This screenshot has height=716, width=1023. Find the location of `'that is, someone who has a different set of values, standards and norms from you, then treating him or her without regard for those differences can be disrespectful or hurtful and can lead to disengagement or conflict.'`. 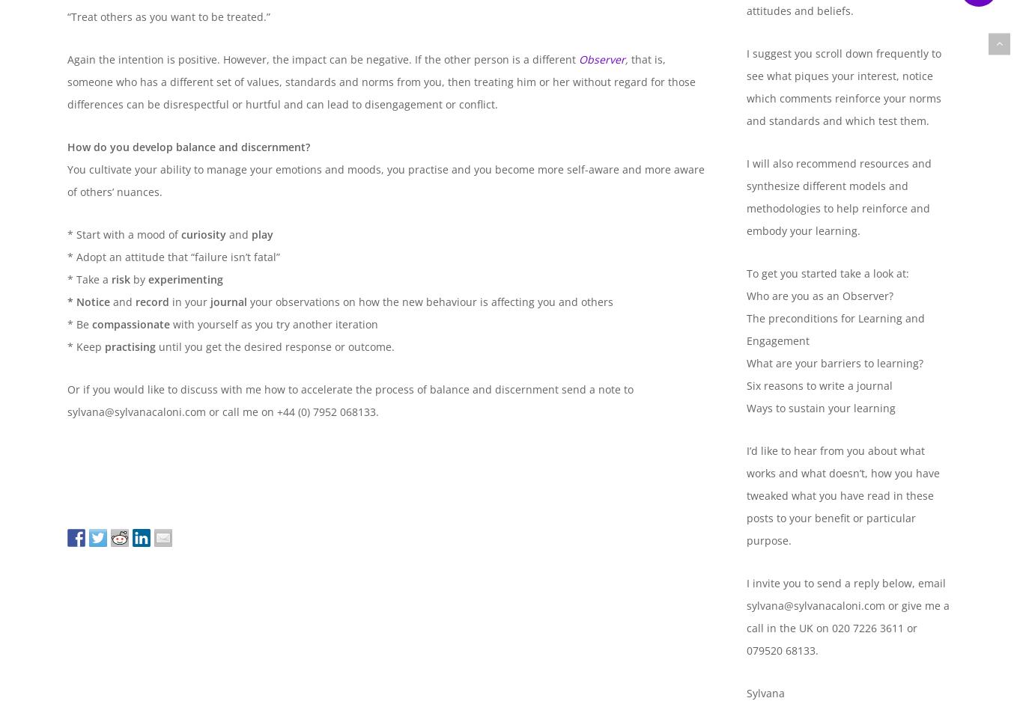

'that is, someone who has a different set of values, standards and norms from you, then treating him or her without regard for those differences can be disrespectful or hurtful and can lead to disengagement or conflict.' is located at coordinates (381, 82).